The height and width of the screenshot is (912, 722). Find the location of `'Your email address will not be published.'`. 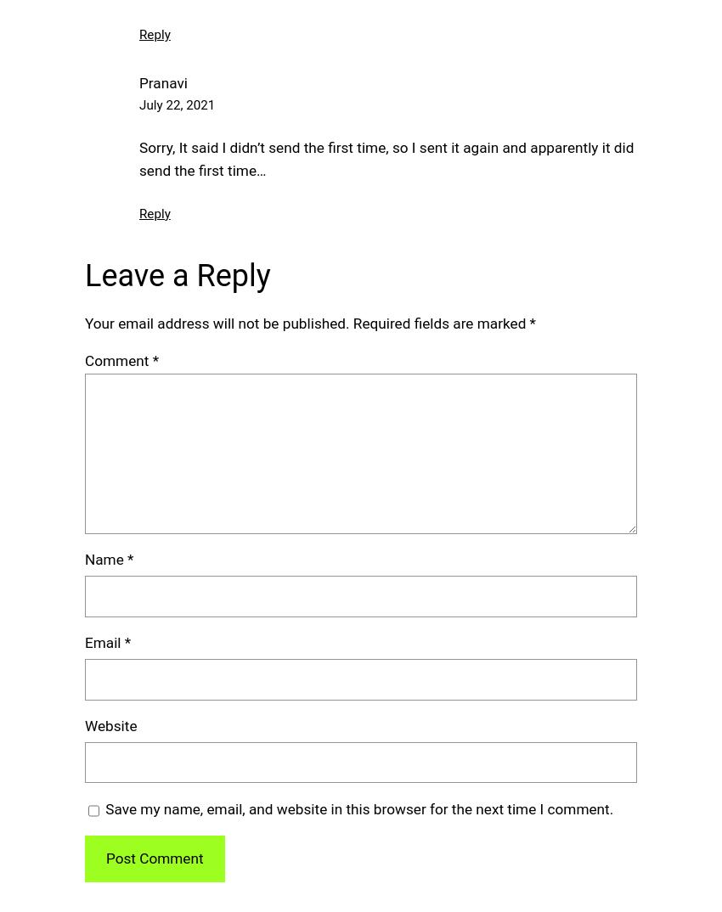

'Your email address will not be published.' is located at coordinates (217, 322).